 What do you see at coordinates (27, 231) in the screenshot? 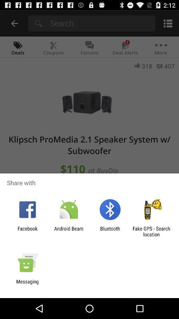
I see `the facebook icon` at bounding box center [27, 231].